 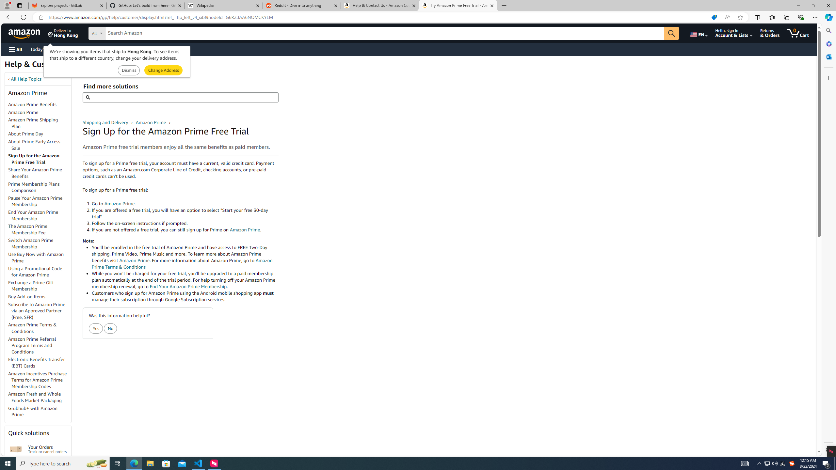 What do you see at coordinates (28, 32) in the screenshot?
I see `'Skip to main content'` at bounding box center [28, 32].